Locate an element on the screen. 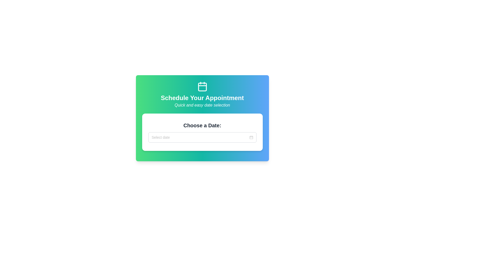  the calendar icon located to the right of the 'Select date' input field is located at coordinates (251, 137).